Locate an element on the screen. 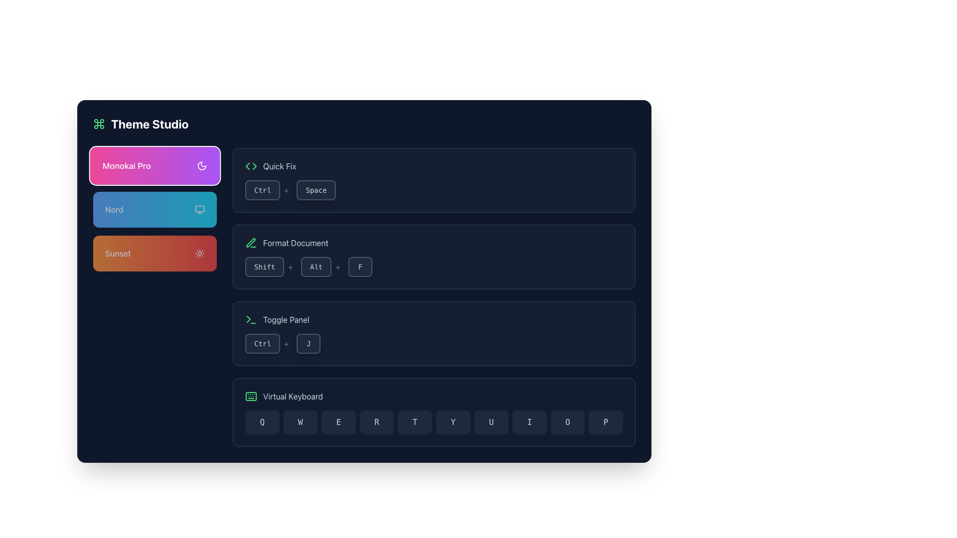 Image resolution: width=957 pixels, height=538 pixels. text label indicating the functionality of formatting a document, located in the top-central part of the panel, right of the green pencil icon is located at coordinates (295, 243).